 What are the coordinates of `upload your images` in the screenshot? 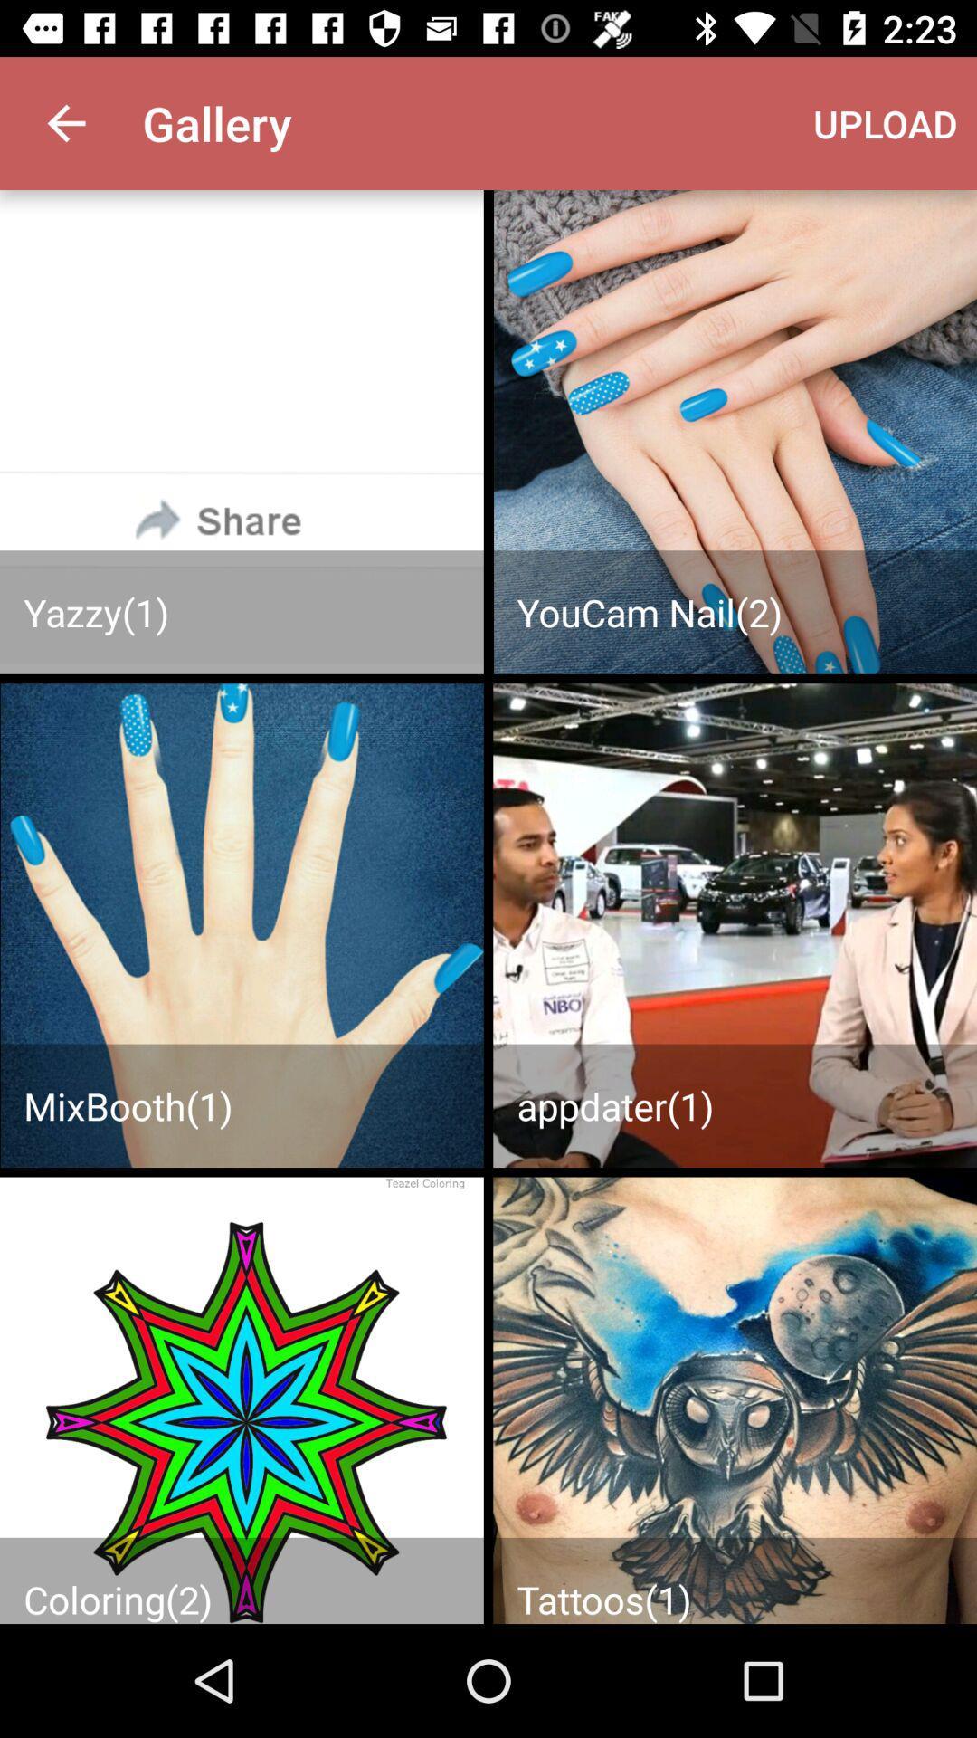 It's located at (735, 925).